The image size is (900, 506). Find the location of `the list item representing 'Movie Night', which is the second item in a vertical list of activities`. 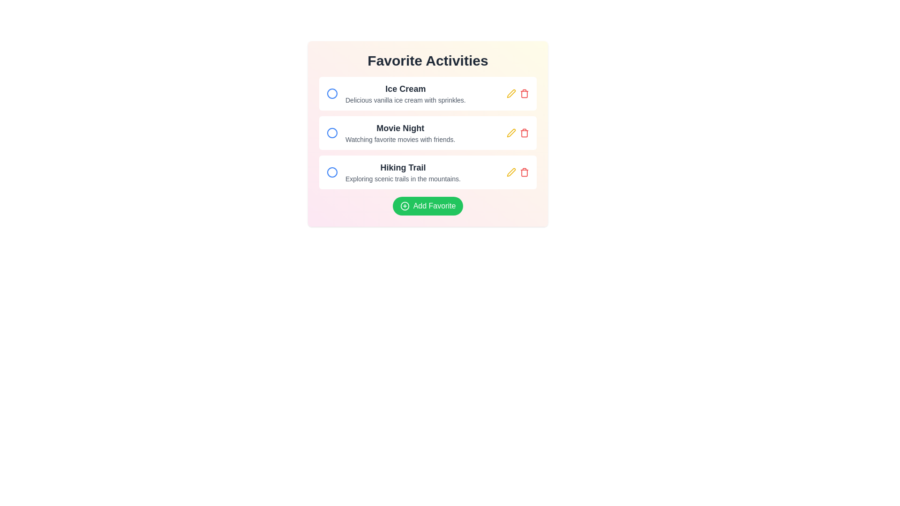

the list item representing 'Movie Night', which is the second item in a vertical list of activities is located at coordinates (391, 133).